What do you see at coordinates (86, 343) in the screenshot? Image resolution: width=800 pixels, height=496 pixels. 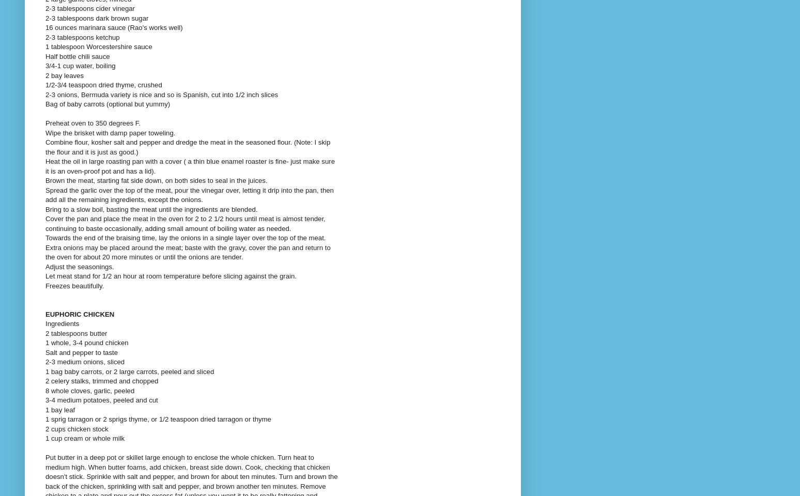 I see `'1 whole, 3-4 pound chicken'` at bounding box center [86, 343].